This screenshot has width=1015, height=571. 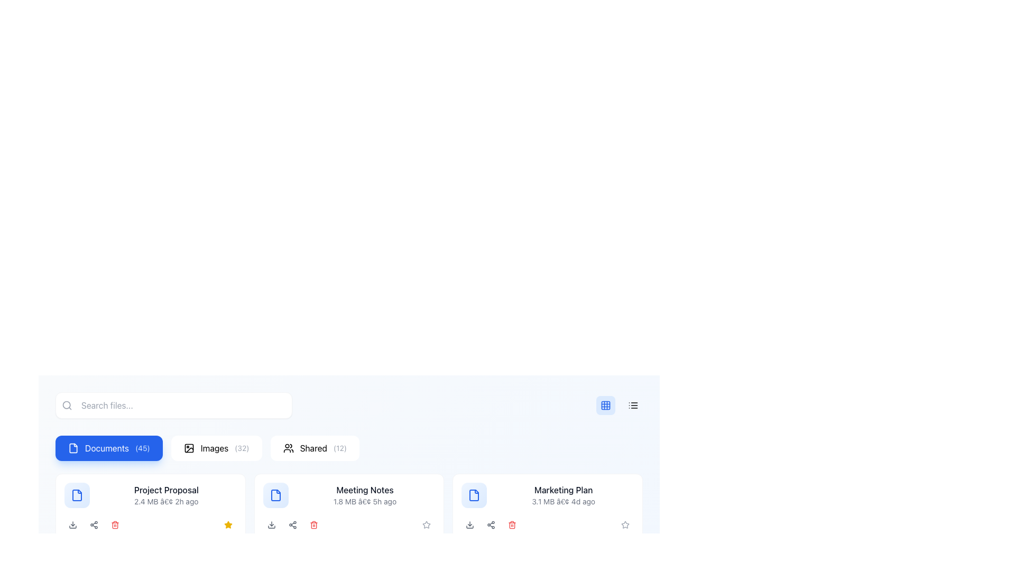 What do you see at coordinates (72, 524) in the screenshot?
I see `the download icon button, which is a gray downward arrow located in a rounded rectangular area` at bounding box center [72, 524].